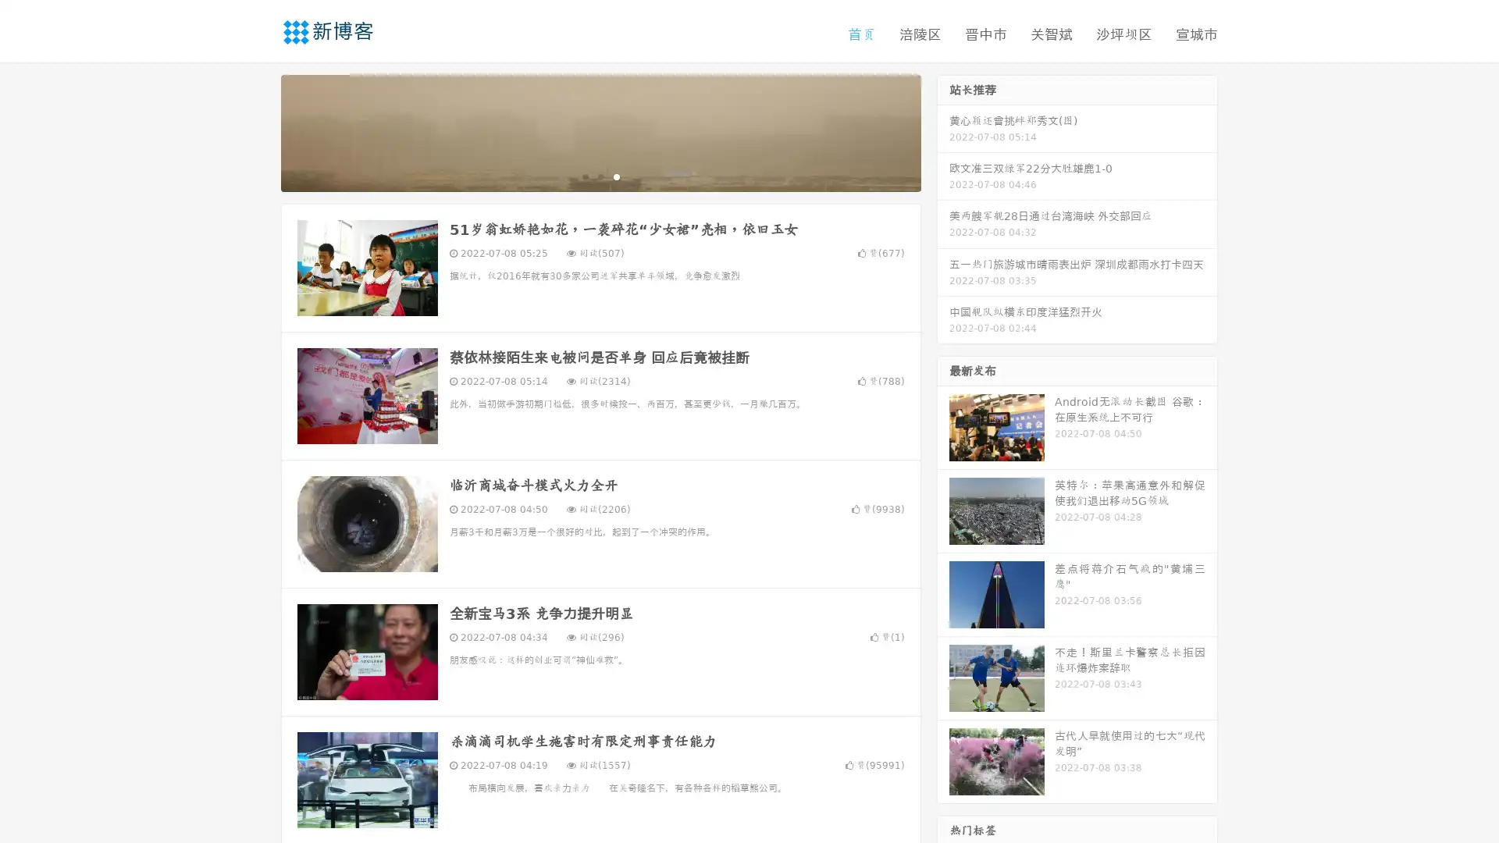 The image size is (1499, 843). I want to click on Previous slide, so click(258, 131).